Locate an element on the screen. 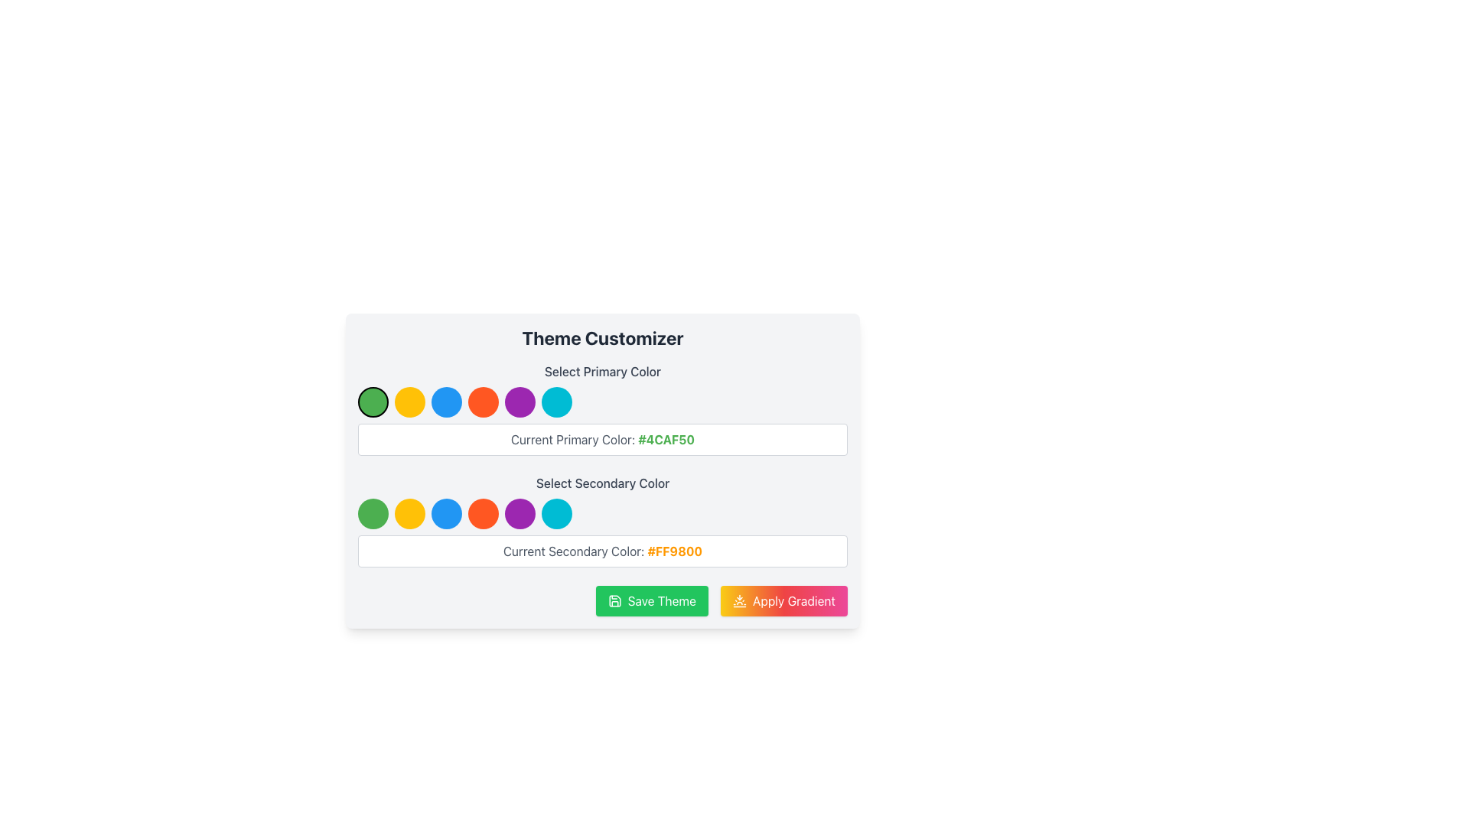 This screenshot has width=1469, height=826. the second circular button for selecting yellow color in the 'Select Primary Color' section is located at coordinates (410, 401).